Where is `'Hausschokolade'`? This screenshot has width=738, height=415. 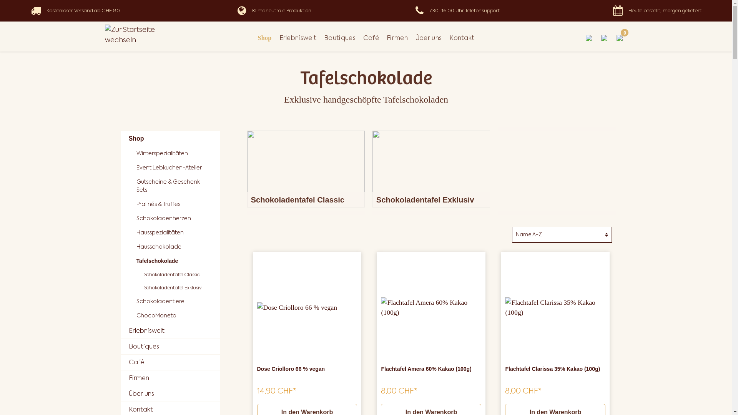
'Hausschokolade' is located at coordinates (173, 247).